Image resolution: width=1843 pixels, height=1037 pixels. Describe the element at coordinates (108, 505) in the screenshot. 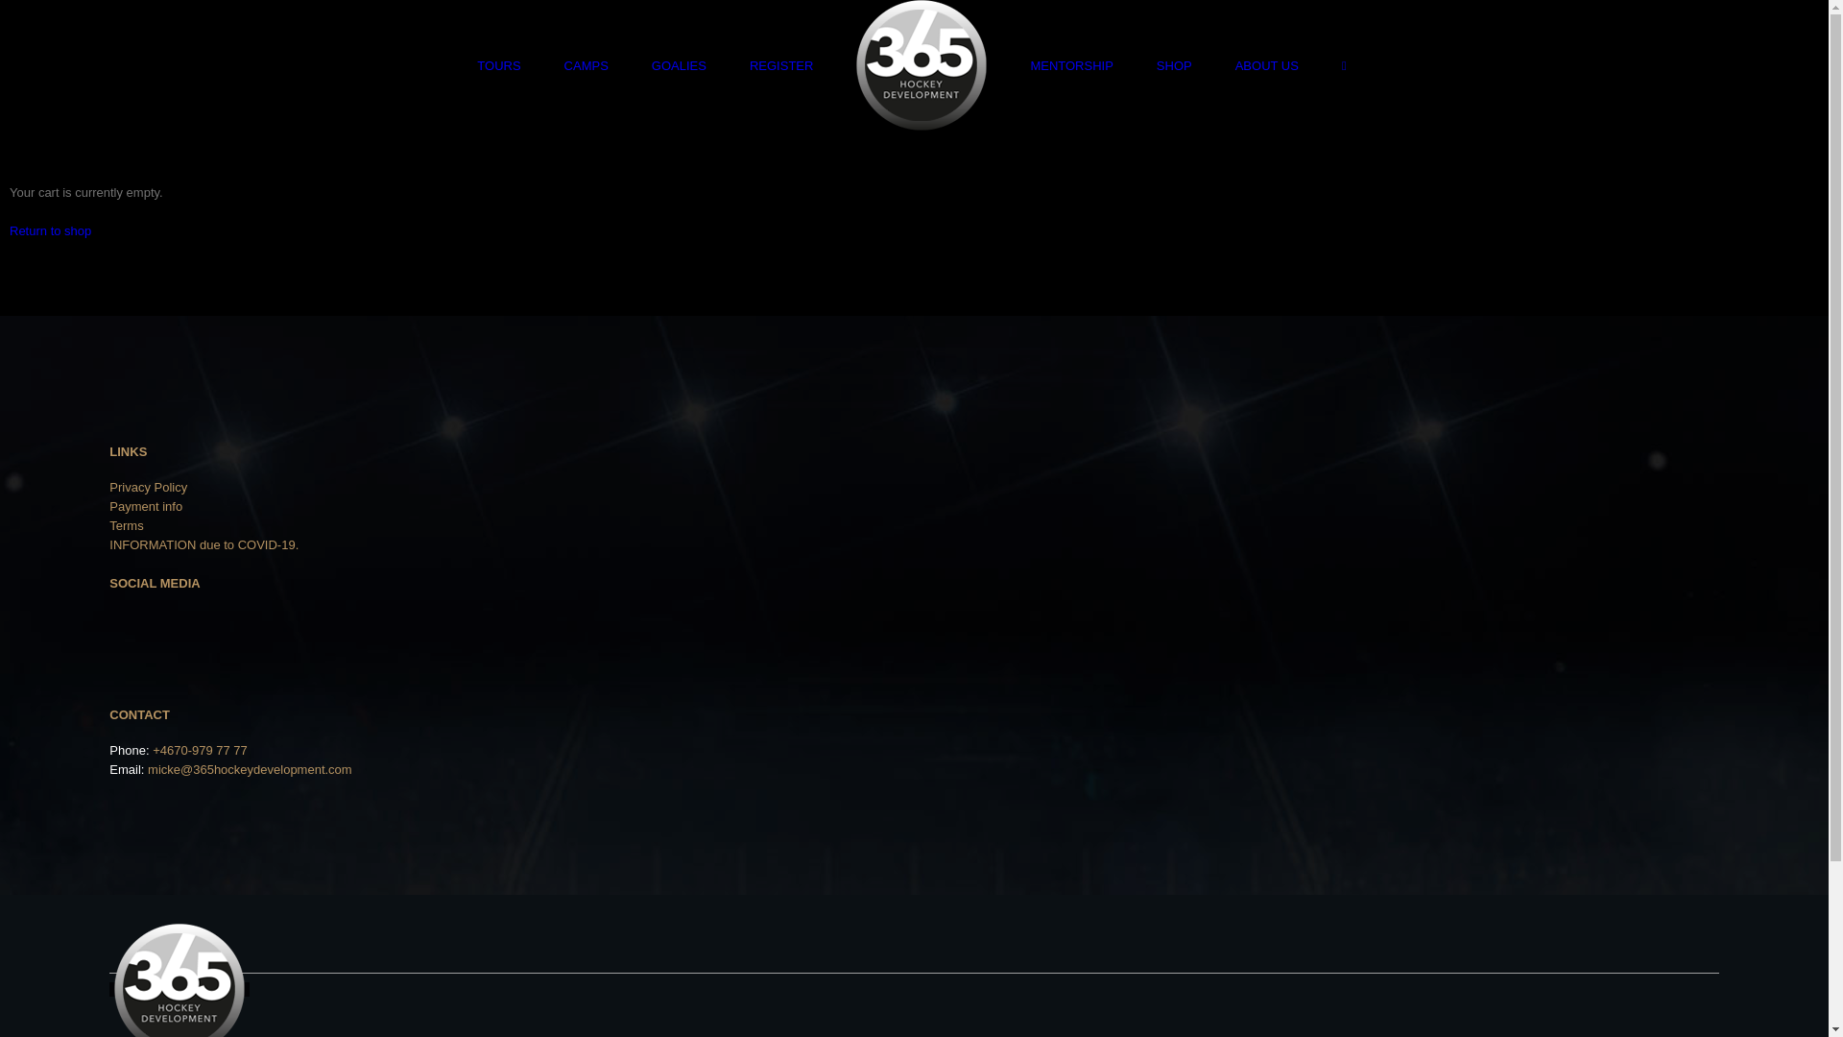

I see `'Payment info'` at that location.